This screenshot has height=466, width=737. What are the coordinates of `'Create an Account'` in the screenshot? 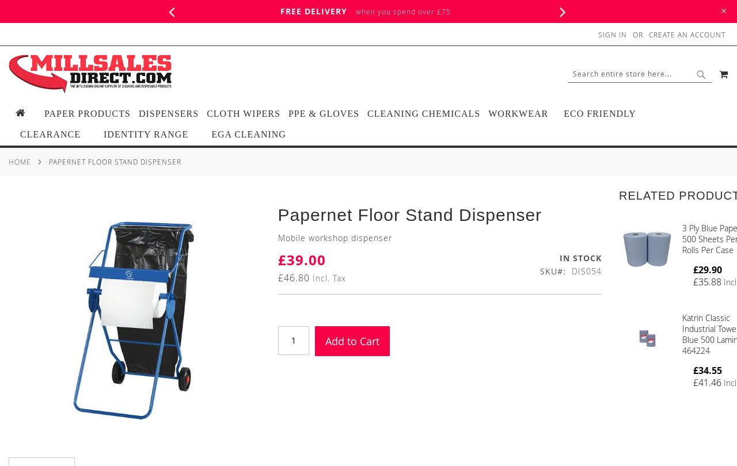 It's located at (649, 35).